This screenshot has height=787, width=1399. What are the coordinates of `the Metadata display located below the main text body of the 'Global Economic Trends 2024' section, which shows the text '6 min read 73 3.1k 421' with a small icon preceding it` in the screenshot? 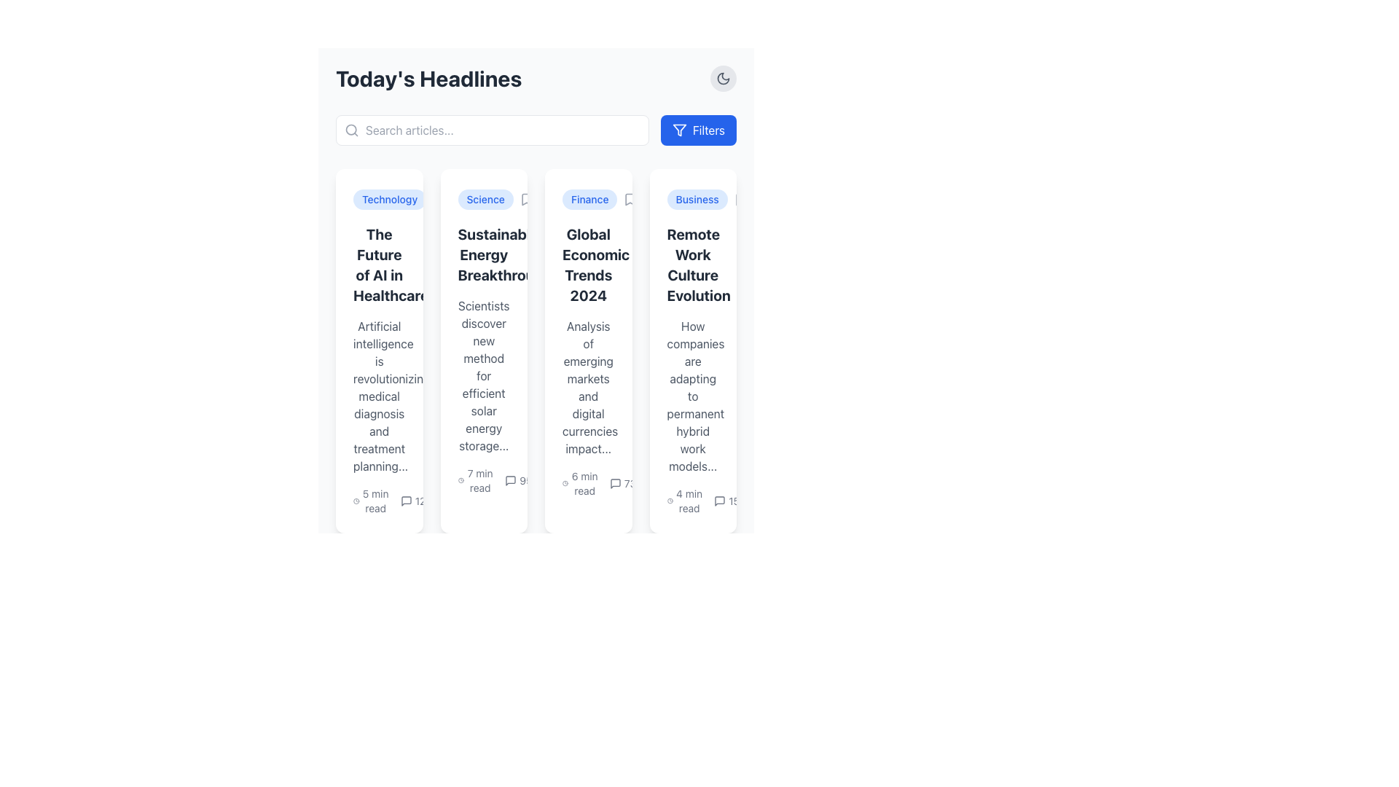 It's located at (588, 483).